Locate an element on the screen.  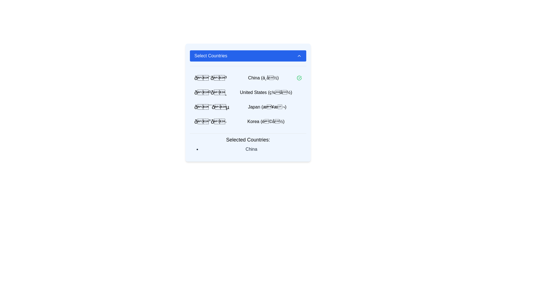
the 'United States (美國)' option in the dropdown menu, which is the second selectable item below 'China (中國)' and above 'Japan (日本).' is located at coordinates (248, 92).